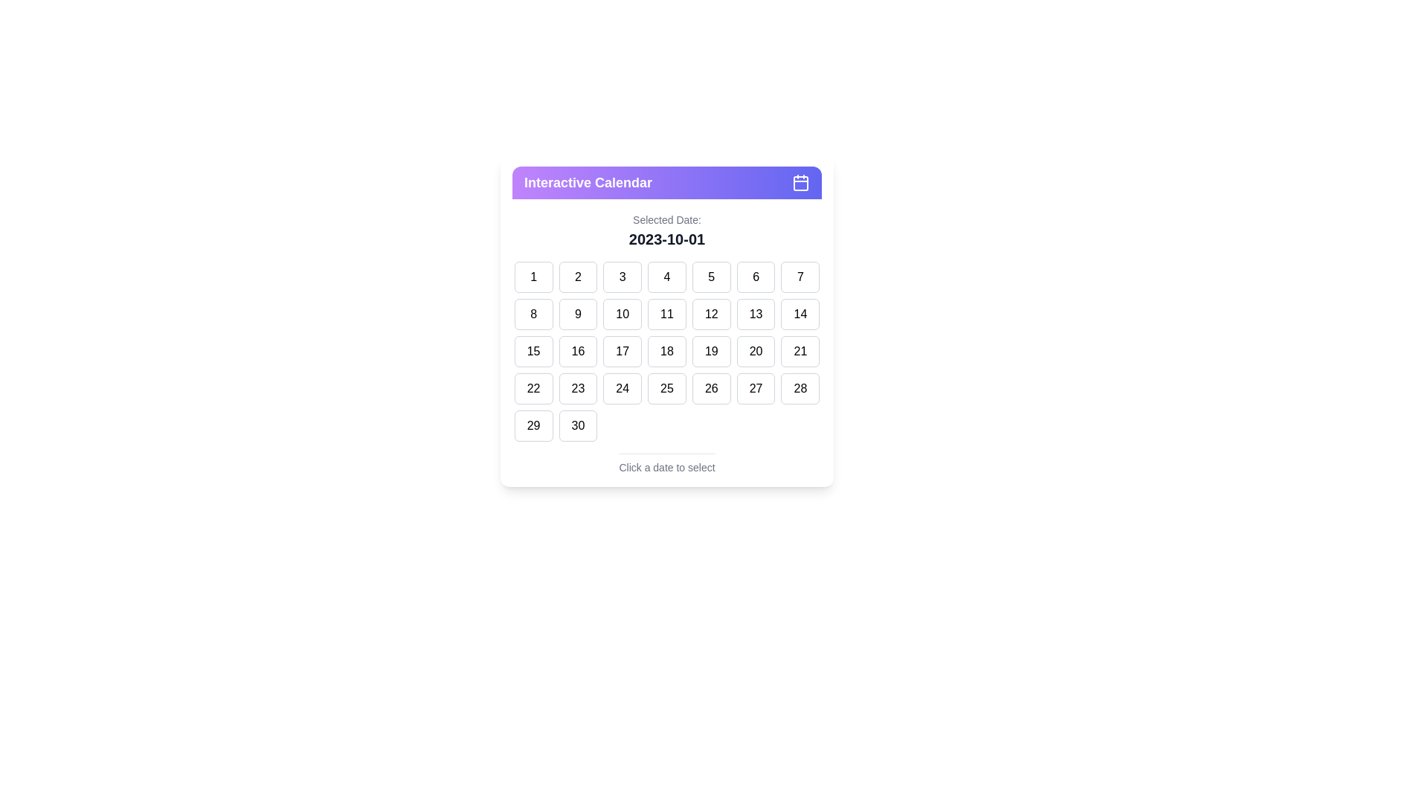  What do you see at coordinates (577, 314) in the screenshot?
I see `the date selector button corresponding to the number '9' in the calendar interface to change its appearance` at bounding box center [577, 314].